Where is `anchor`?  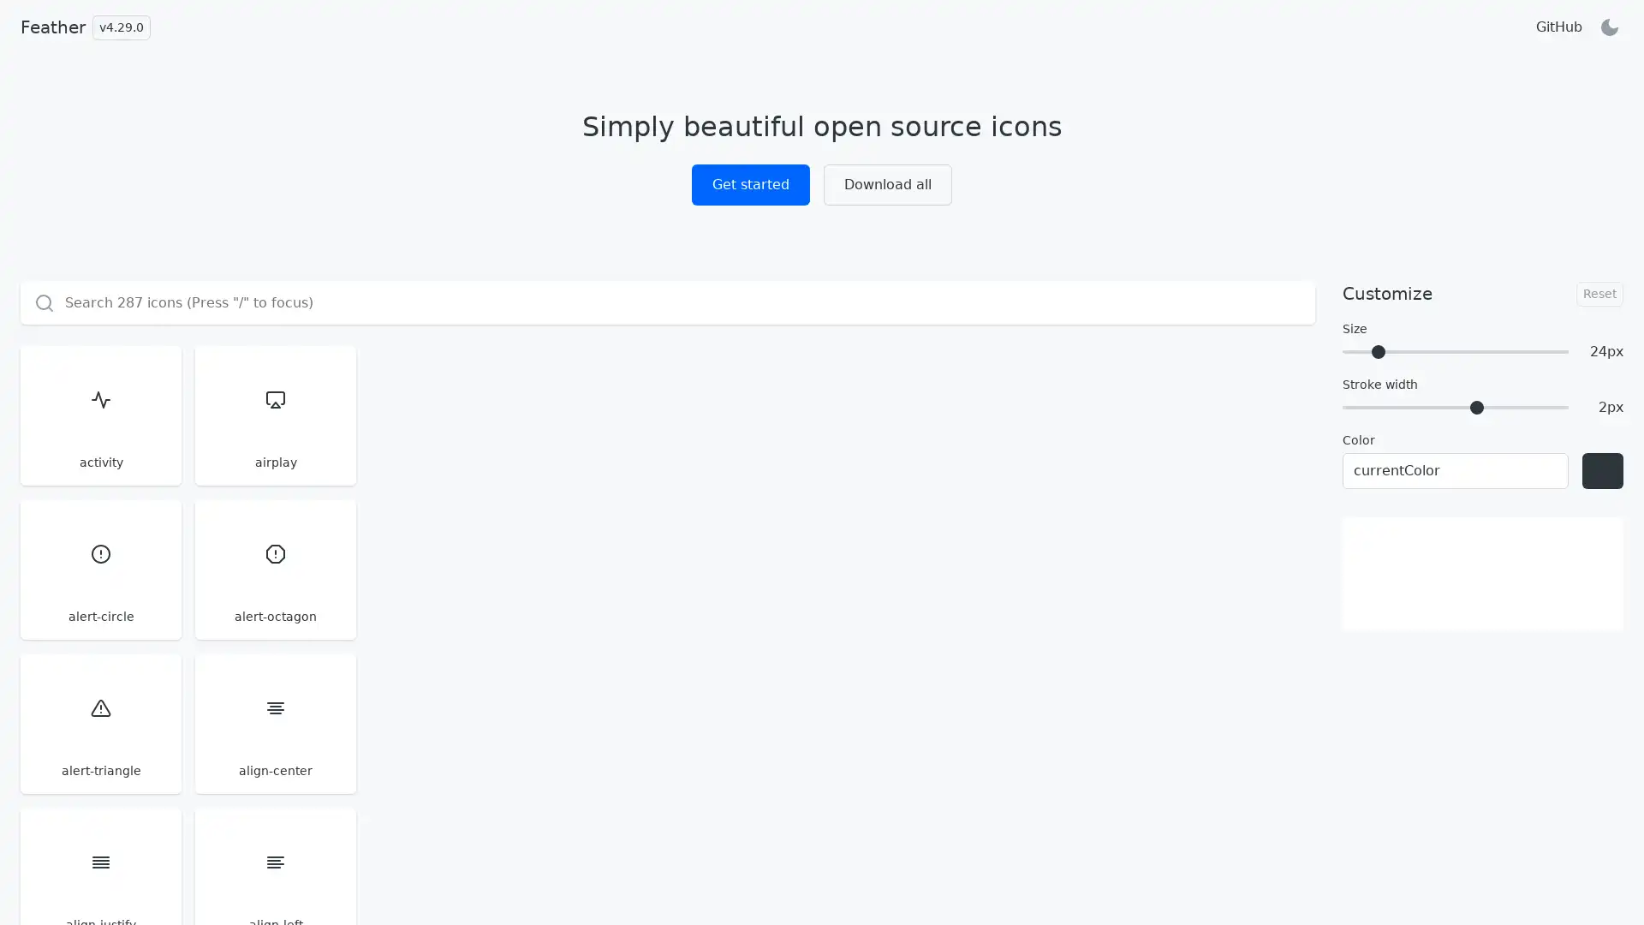 anchor is located at coordinates (85, 569).